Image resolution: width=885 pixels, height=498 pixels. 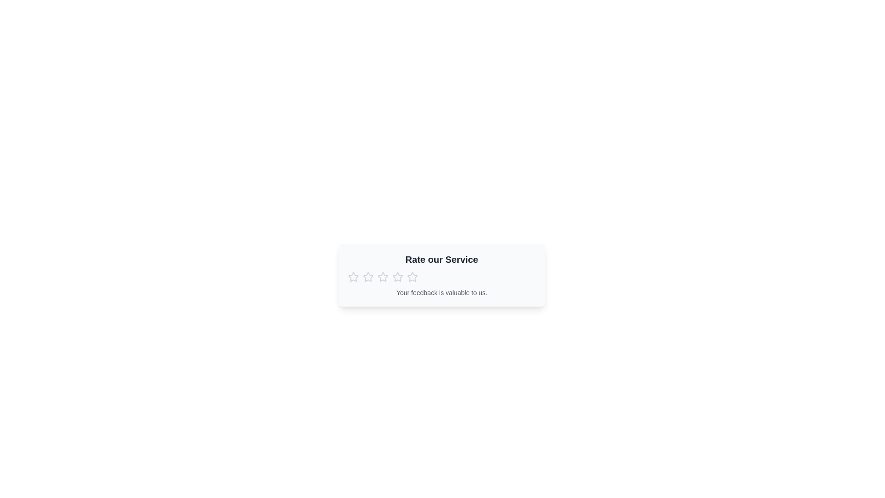 I want to click on the second star icon from the left in the horizontal group of five stars to rate 2 stars, so click(x=367, y=276).